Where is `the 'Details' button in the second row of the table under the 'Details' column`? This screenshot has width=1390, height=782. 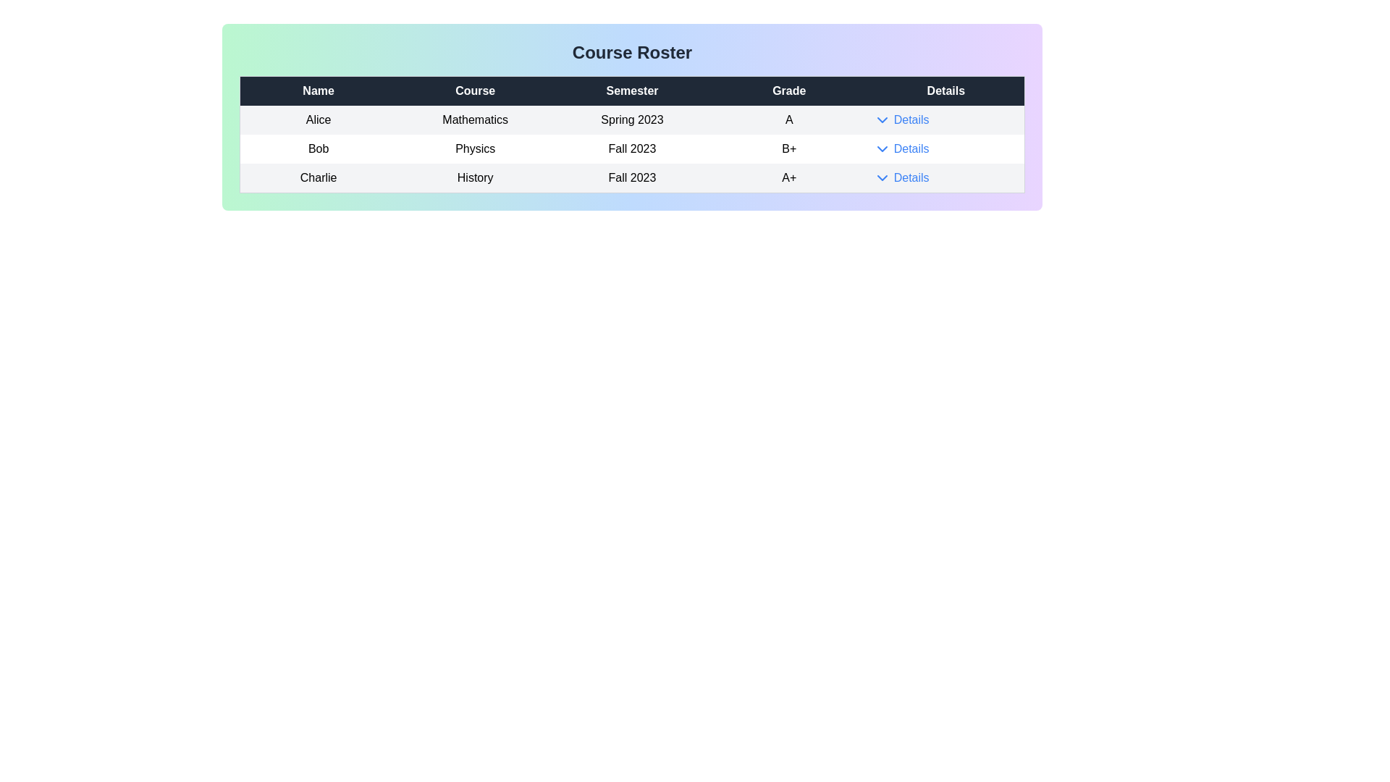 the 'Details' button in the second row of the table under the 'Details' column is located at coordinates (901, 148).